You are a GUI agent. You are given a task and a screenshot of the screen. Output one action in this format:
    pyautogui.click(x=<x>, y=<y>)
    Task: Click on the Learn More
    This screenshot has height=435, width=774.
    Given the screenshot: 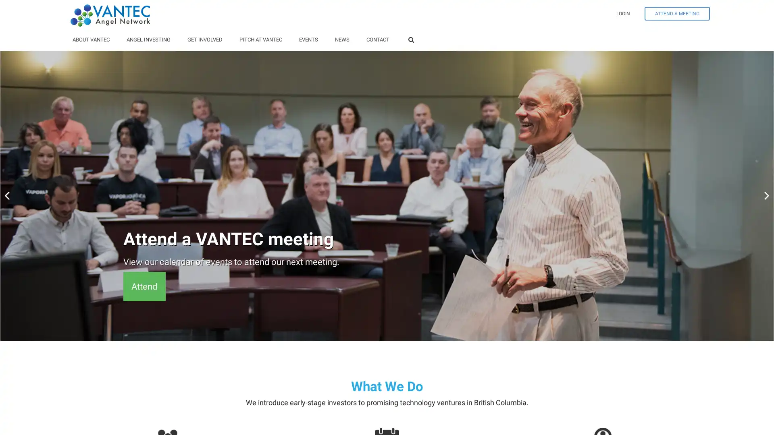 What is the action you would take?
    pyautogui.click(x=154, y=286)
    